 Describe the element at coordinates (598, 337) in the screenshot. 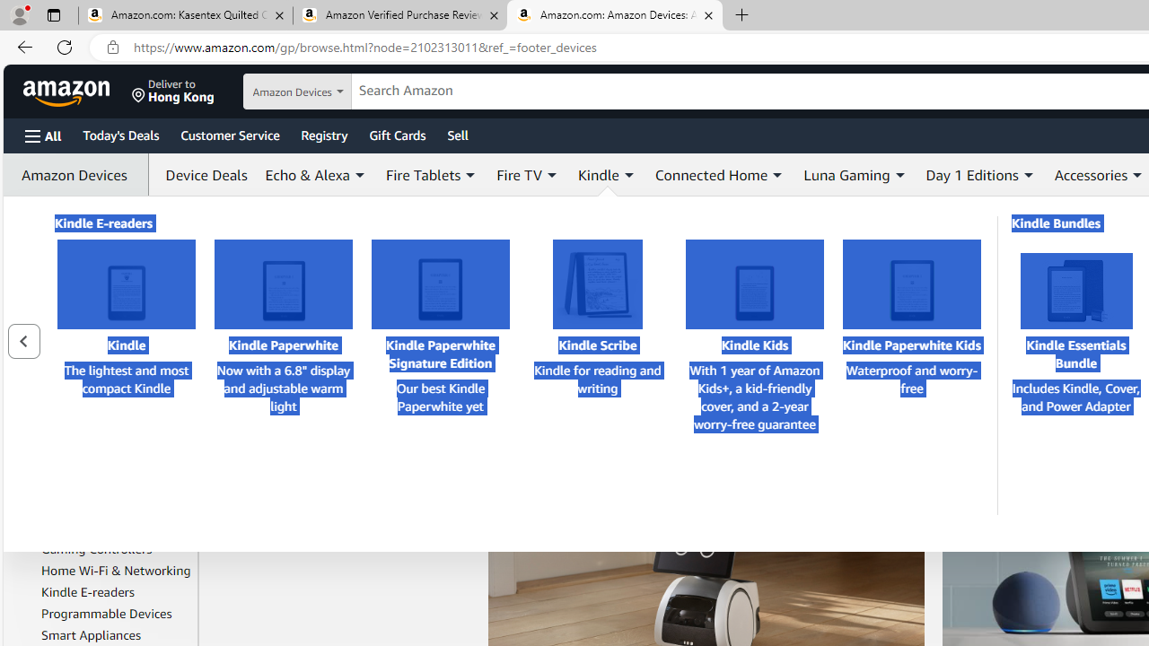

I see `'Kindle Scribe Kindle Scribe Kindle for reading and writing'` at that location.